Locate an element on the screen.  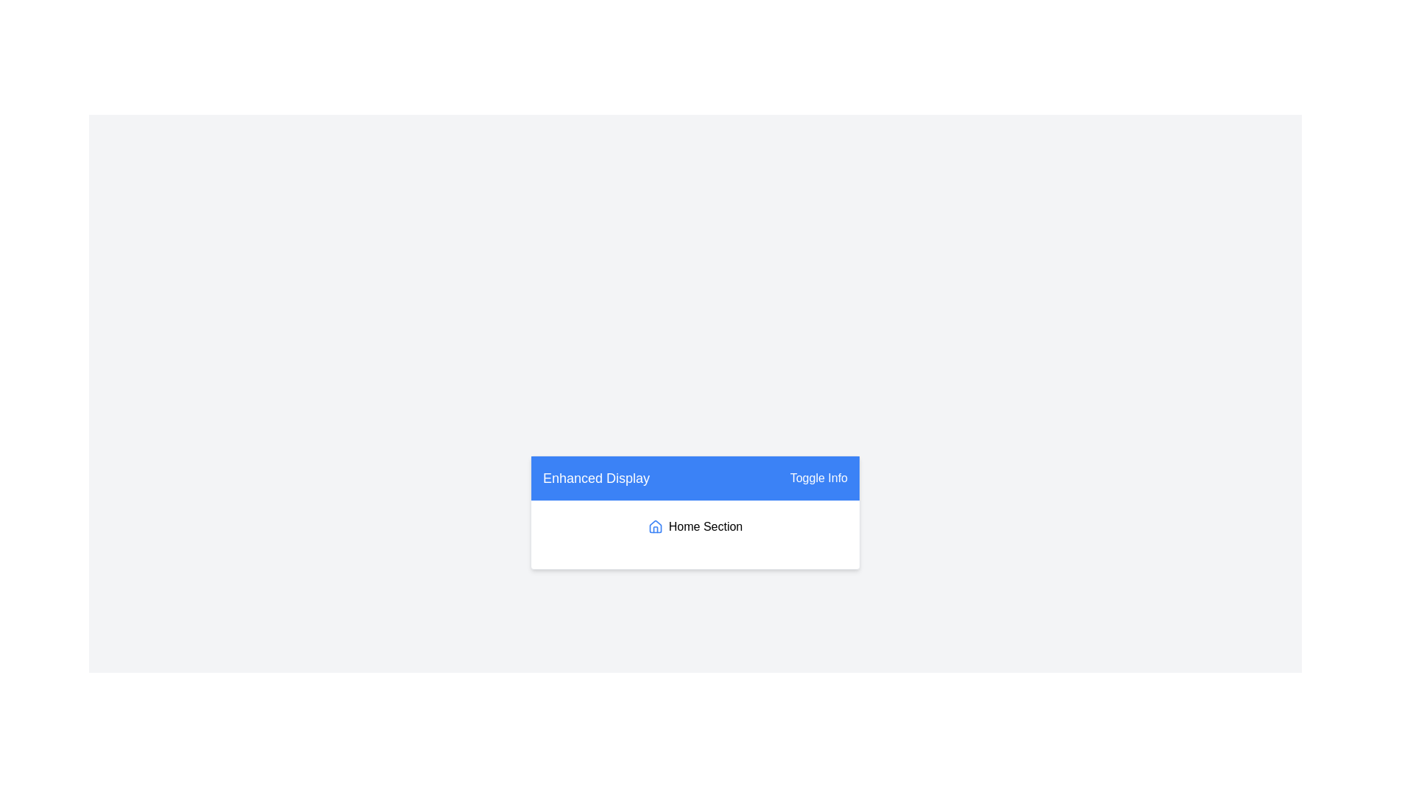
the house icon with a blue outline located next to the 'Home Section' text is located at coordinates (654, 526).